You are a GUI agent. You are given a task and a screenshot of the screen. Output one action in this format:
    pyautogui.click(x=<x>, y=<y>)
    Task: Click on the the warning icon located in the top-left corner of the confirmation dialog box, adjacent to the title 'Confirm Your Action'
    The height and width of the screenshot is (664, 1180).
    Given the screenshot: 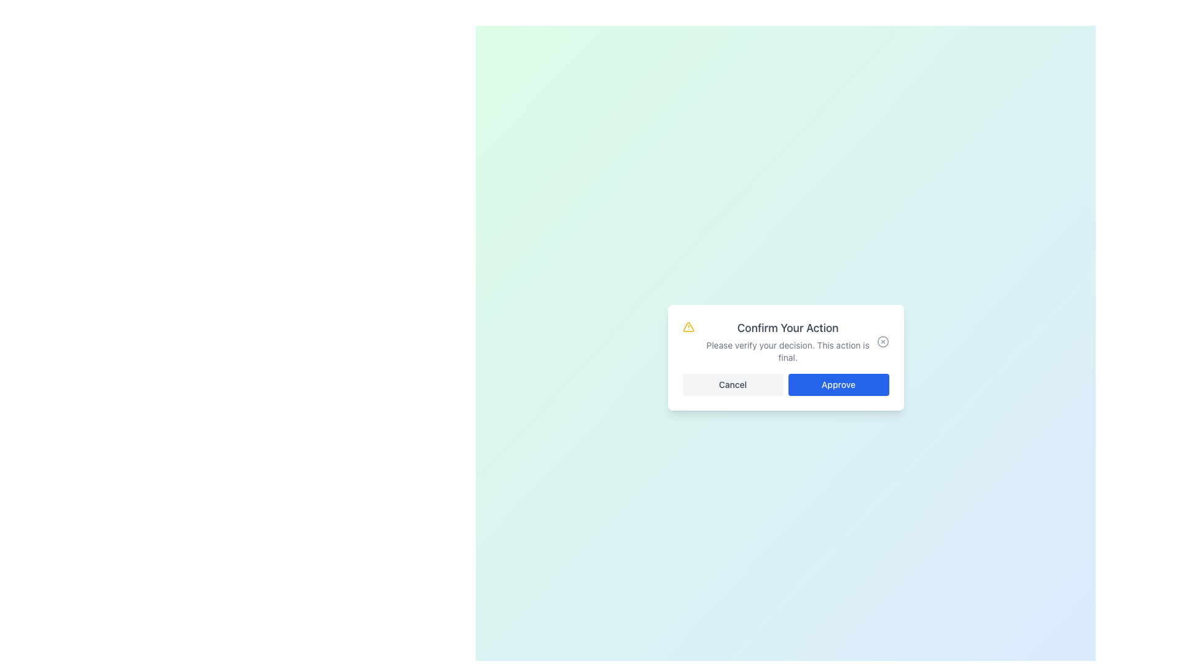 What is the action you would take?
    pyautogui.click(x=687, y=326)
    